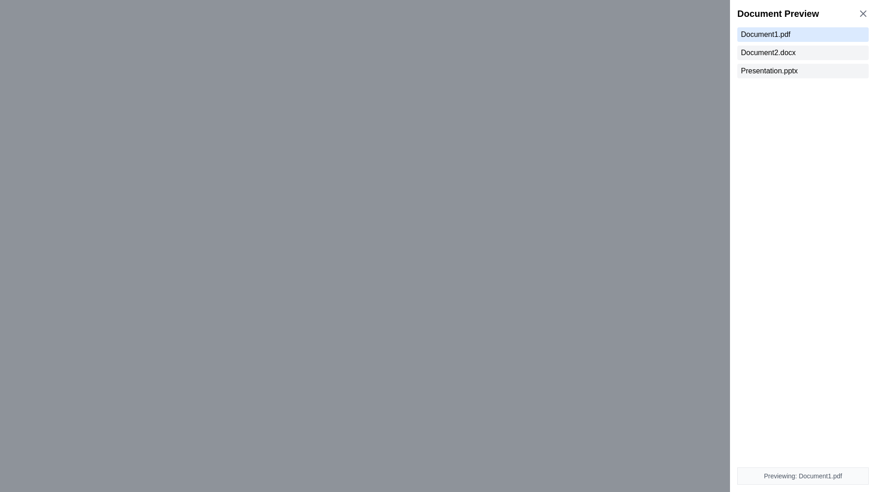 This screenshot has height=492, width=876. Describe the element at coordinates (862, 14) in the screenshot. I see `the close button located in the top-right corner of the 'Document Preview' section to dismiss the preview` at that location.